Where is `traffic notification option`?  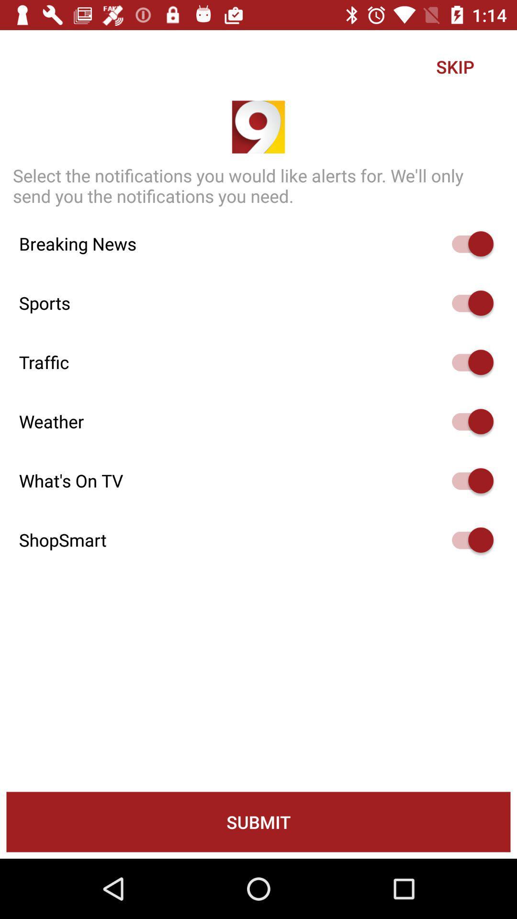
traffic notification option is located at coordinates (468, 362).